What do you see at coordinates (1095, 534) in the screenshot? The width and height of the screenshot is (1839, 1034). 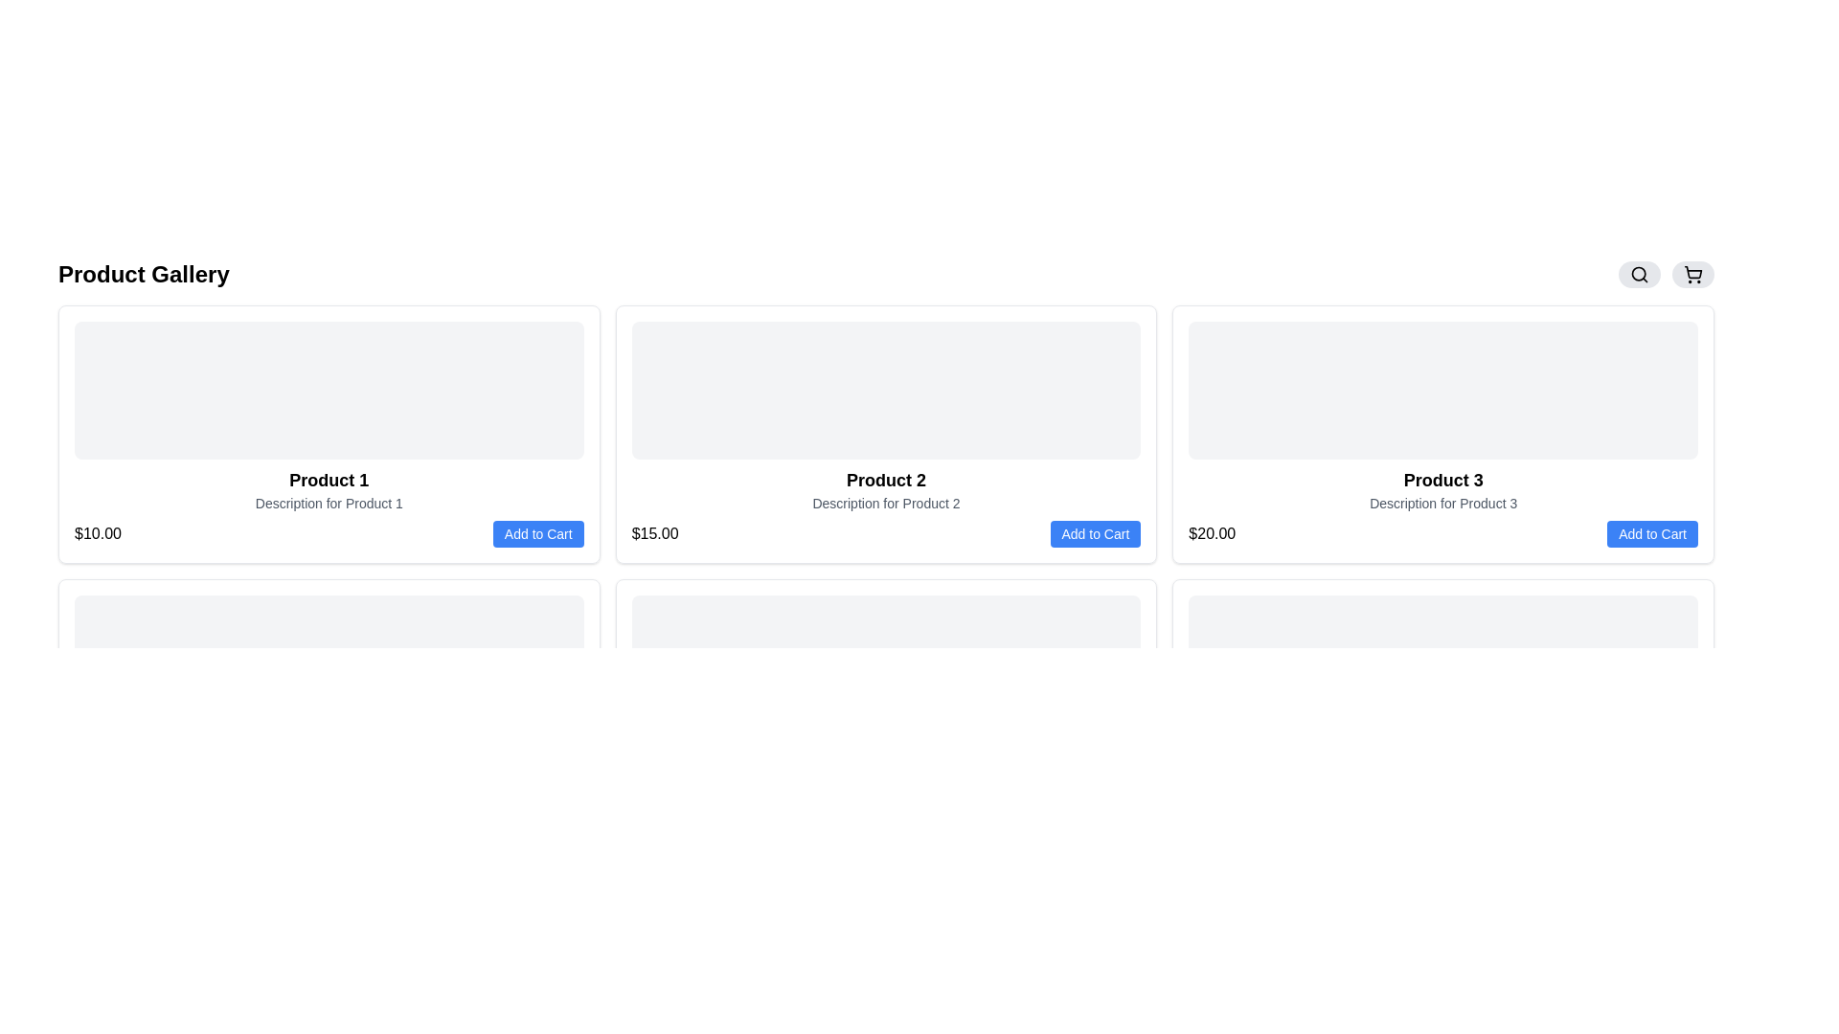 I see `the 'Add to Cart' button for 'Product 2' located at the bottom-right corner of the product card` at bounding box center [1095, 534].